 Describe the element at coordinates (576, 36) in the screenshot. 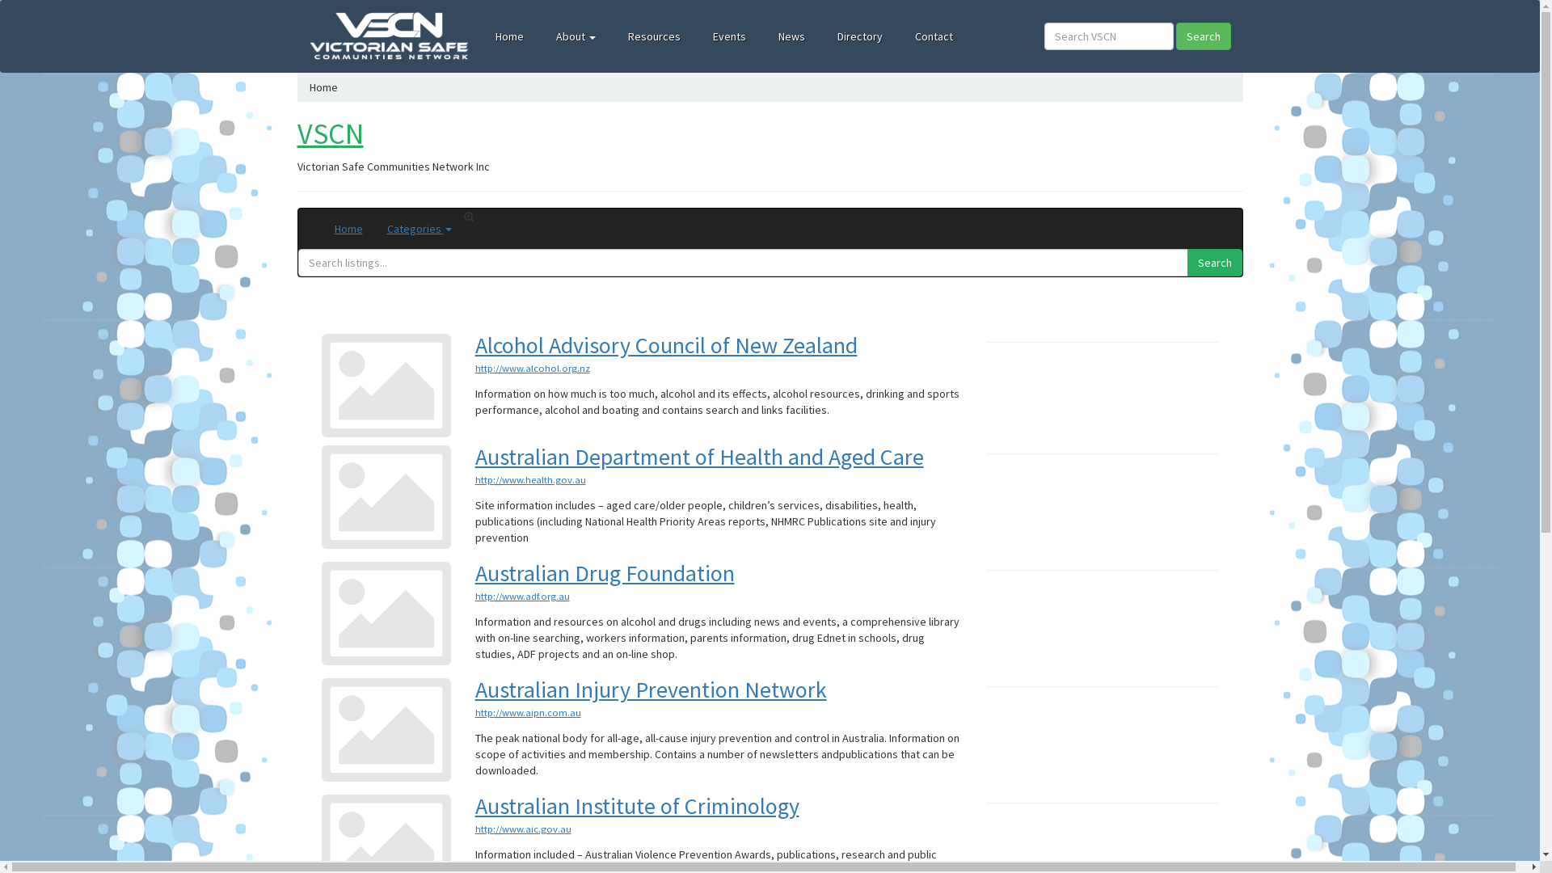

I see `'About'` at that location.